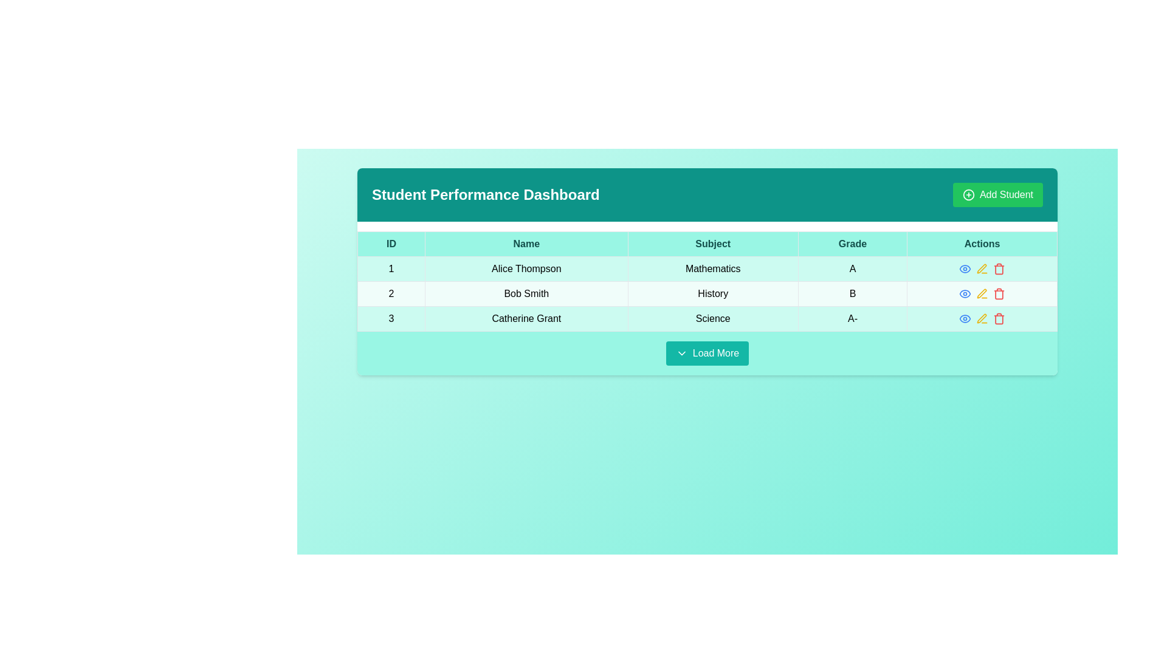  What do you see at coordinates (968, 194) in the screenshot?
I see `the decorative icon located within the 'Add Student' button, positioned towards the left edge of its text label` at bounding box center [968, 194].